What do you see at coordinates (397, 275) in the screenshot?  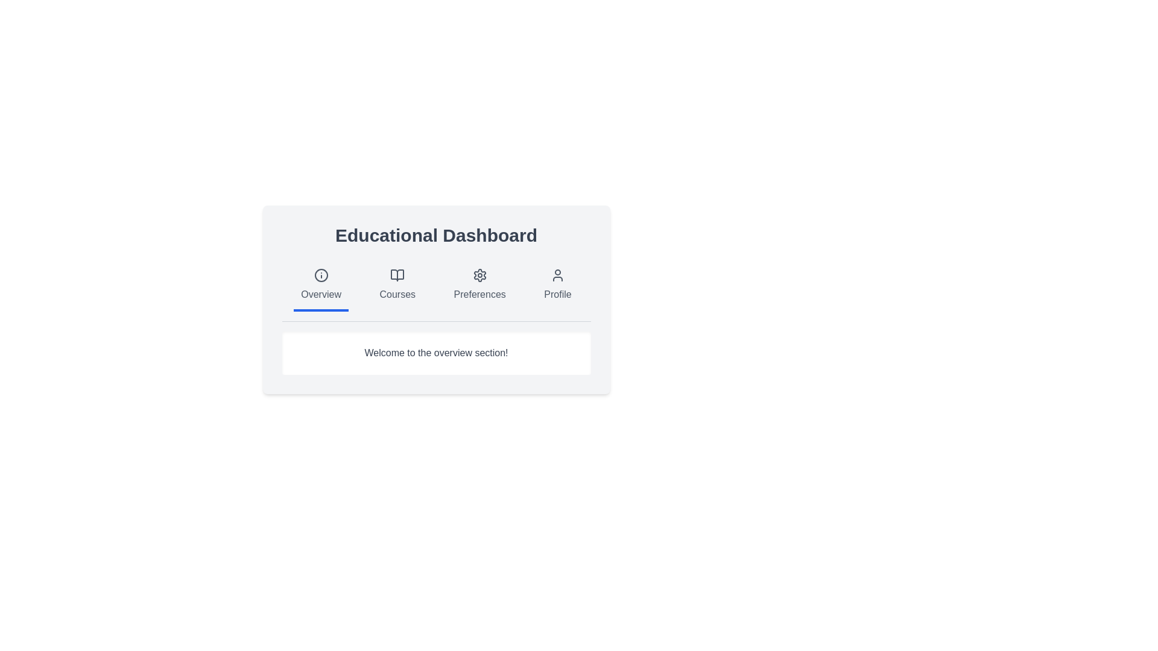 I see `the open book icon in the navigation menu under the 'Courses' label, which is the second icon in the sequence` at bounding box center [397, 275].